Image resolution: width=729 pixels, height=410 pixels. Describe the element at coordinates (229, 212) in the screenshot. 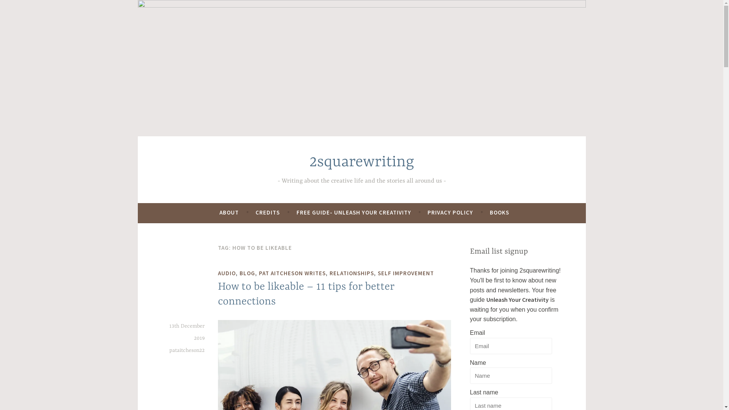

I see `'ABOUT'` at that location.